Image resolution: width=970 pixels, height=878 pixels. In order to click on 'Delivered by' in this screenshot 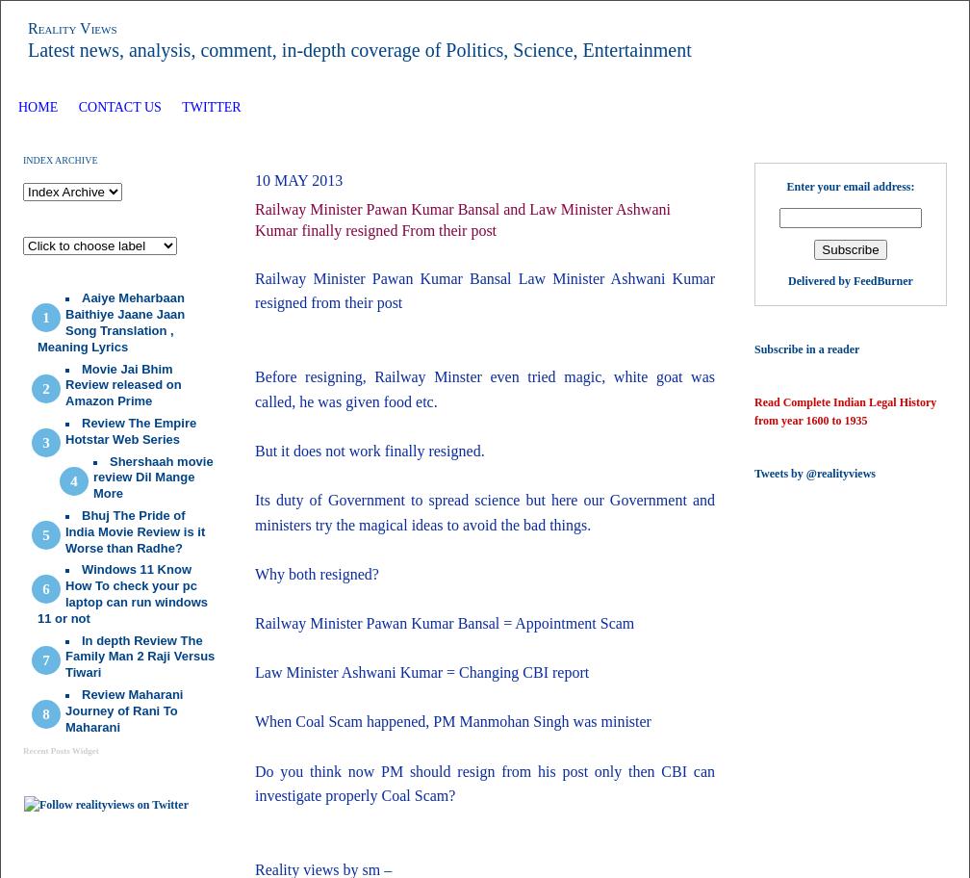, I will do `click(820, 279)`.